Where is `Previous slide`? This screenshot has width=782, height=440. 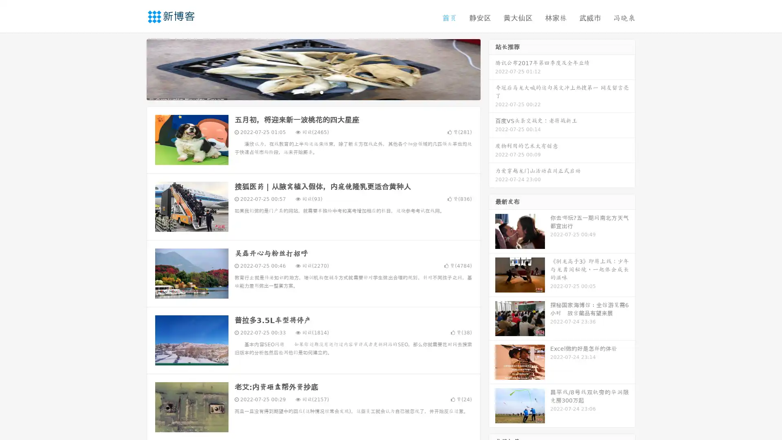
Previous slide is located at coordinates (134, 68).